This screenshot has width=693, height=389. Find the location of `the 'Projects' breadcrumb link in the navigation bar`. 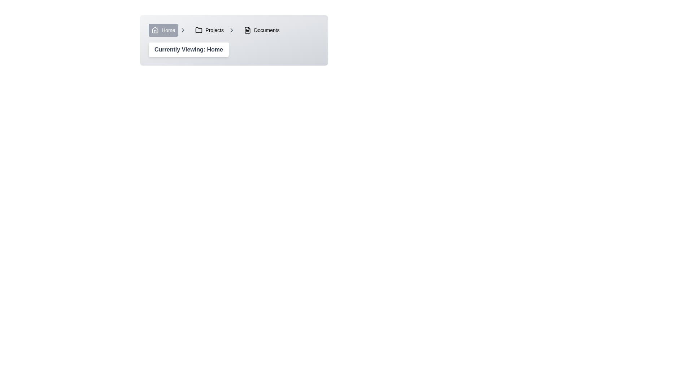

the 'Projects' breadcrumb link in the navigation bar is located at coordinates (209, 30).